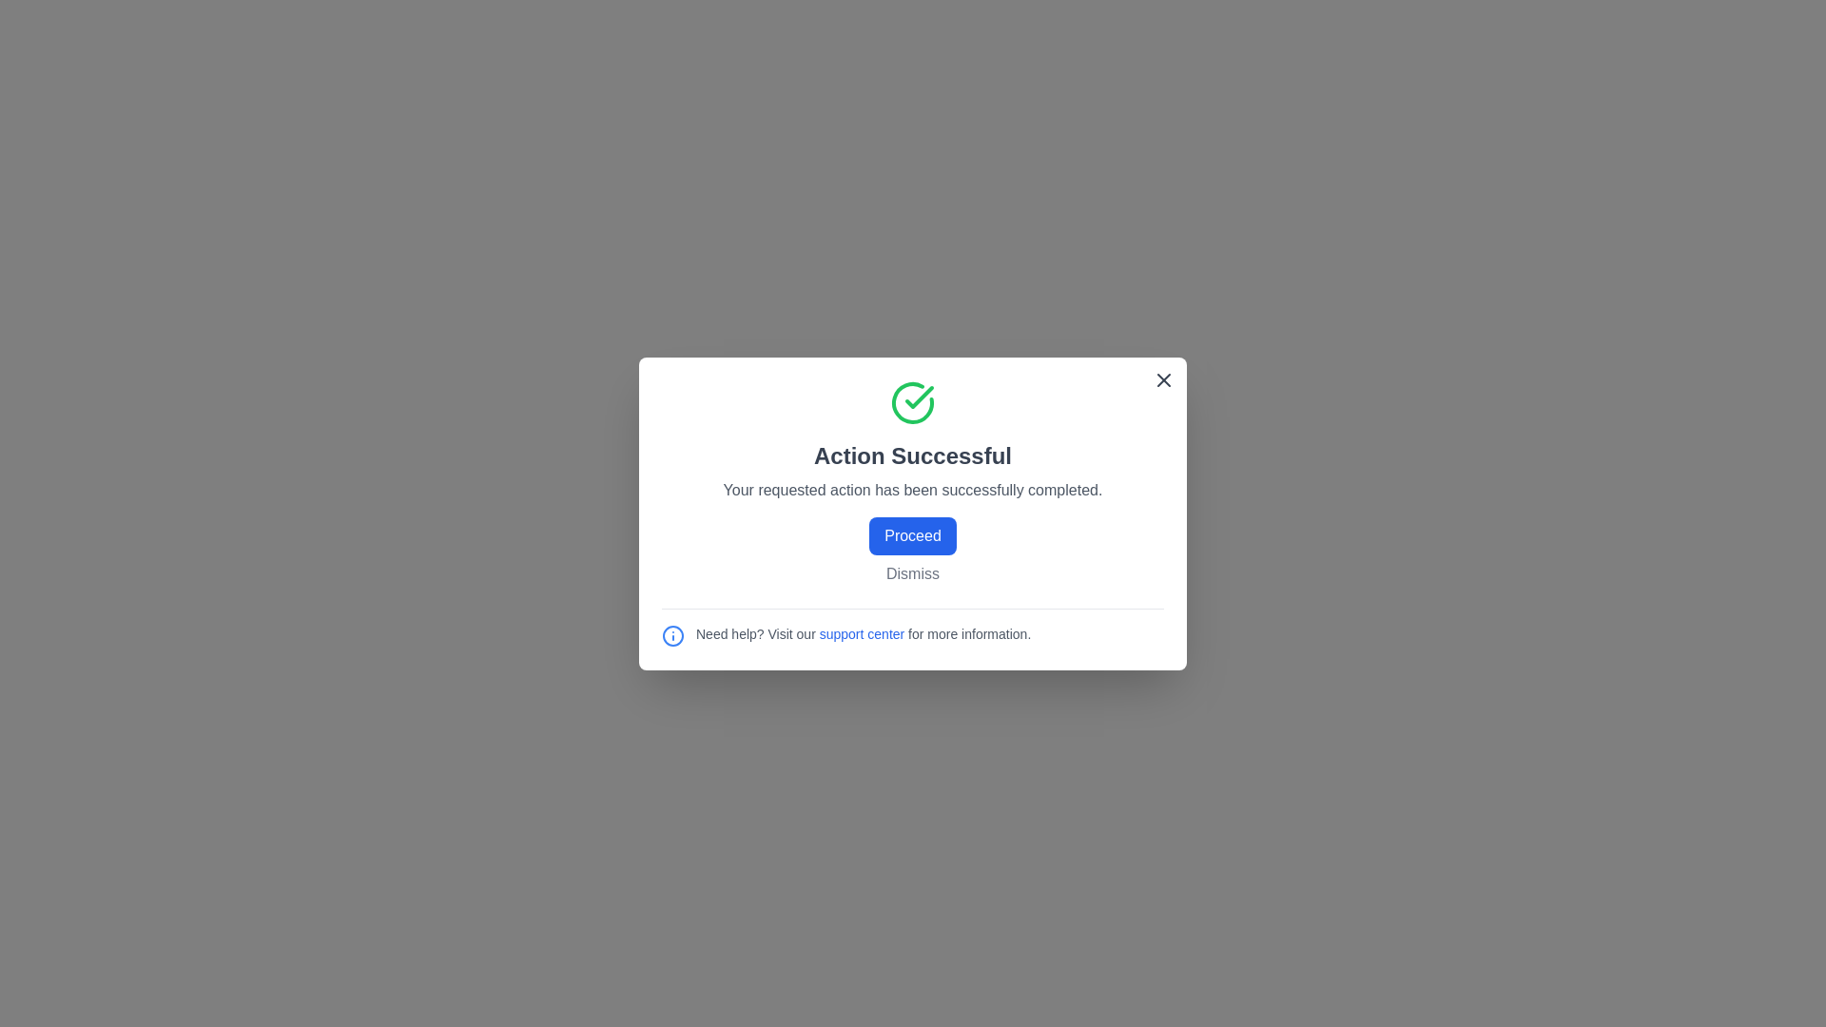  What do you see at coordinates (1163, 378) in the screenshot?
I see `the close button icon located in the top right corner of the modal` at bounding box center [1163, 378].